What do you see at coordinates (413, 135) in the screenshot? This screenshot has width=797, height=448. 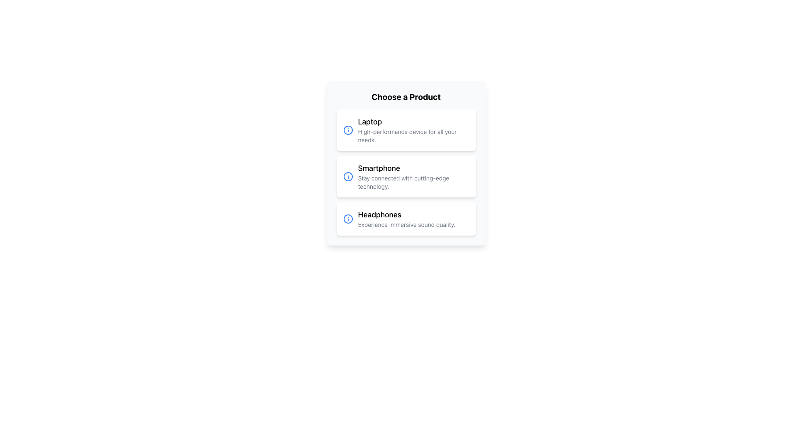 I see `the text snippet reading 'High-performance device for all your needs.' located below the 'Laptop' title within the first card of the 'Choose a Product' section` at bounding box center [413, 135].